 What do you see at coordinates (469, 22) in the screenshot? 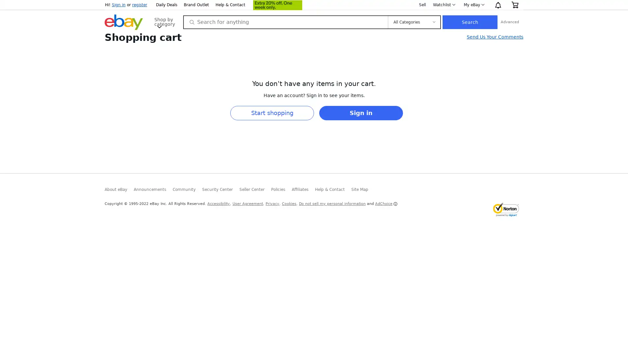
I see `Search` at bounding box center [469, 22].